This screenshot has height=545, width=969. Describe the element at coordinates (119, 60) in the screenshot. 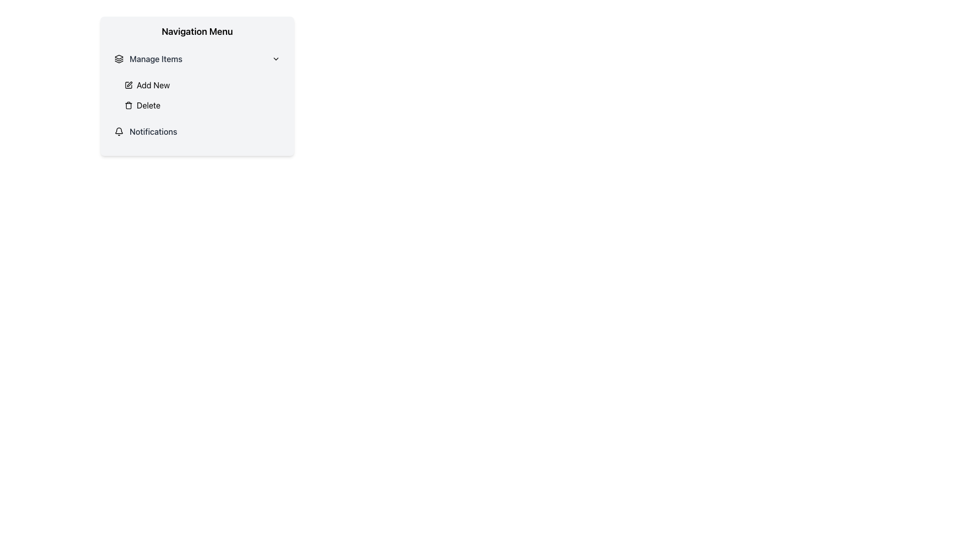

I see `the middle part of the three-layered icon within the 'Manage Items' section of the 'Navigation Menu'` at that location.